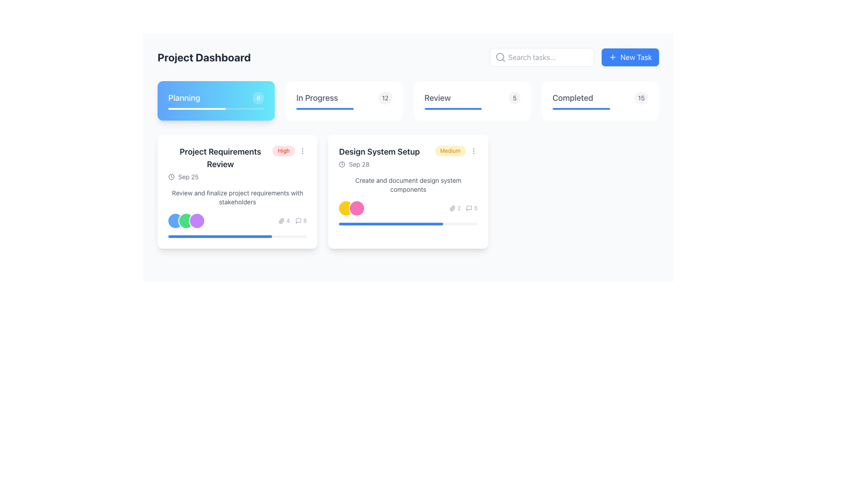 This screenshot has width=862, height=484. What do you see at coordinates (515, 98) in the screenshot?
I see `the informational badge or counter representing the number of pending tasks under the 'Review' section` at bounding box center [515, 98].